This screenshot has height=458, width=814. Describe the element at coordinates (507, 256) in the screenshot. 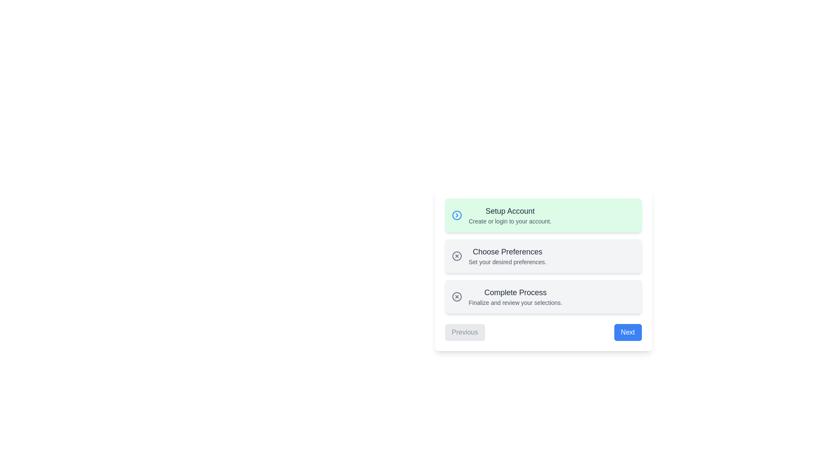

I see `the second item in the vertically arranged list that provides descriptive content for user preferences, located below 'Setup Account' and above 'Complete Process.'` at that location.